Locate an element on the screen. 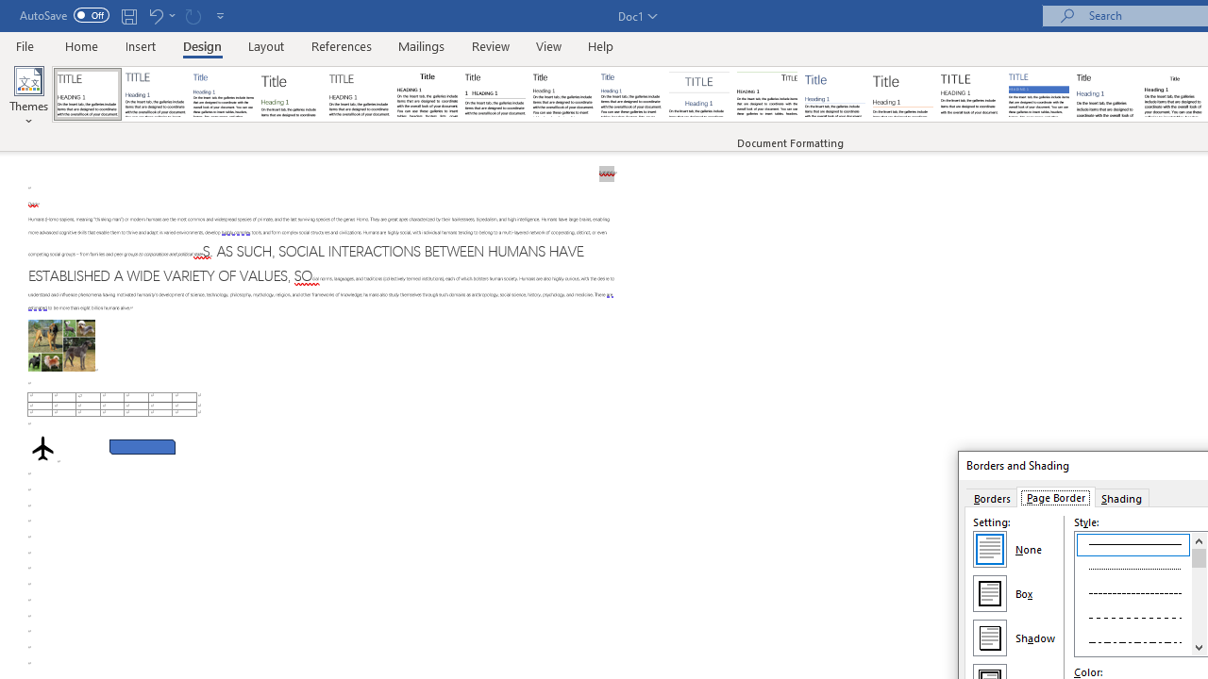 The width and height of the screenshot is (1208, 679). 'Line down' is located at coordinates (1198, 646).